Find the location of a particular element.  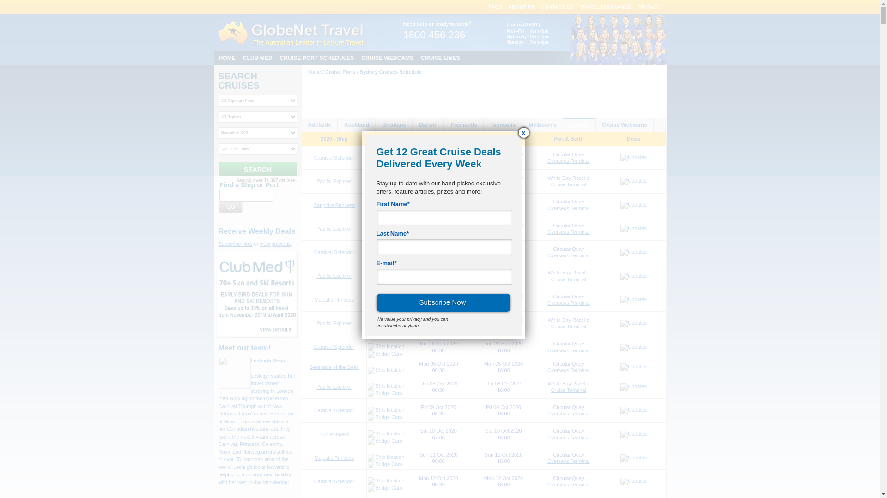

'Fremantle' is located at coordinates (463, 125).